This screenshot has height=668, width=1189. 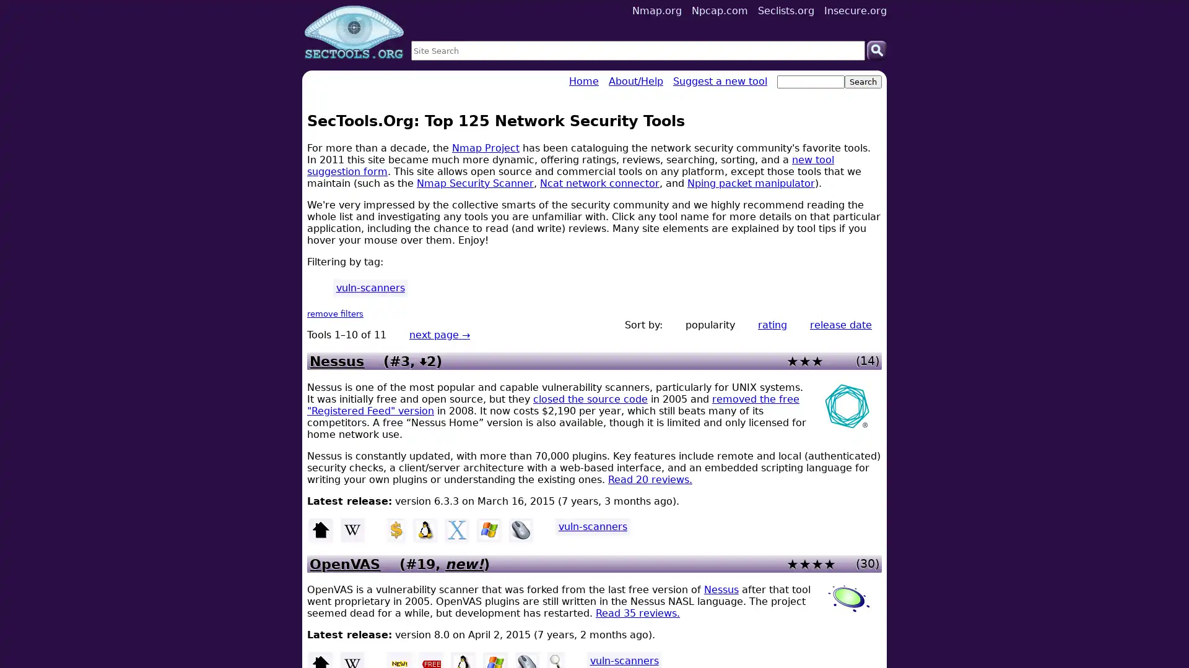 I want to click on Search, so click(x=876, y=49).